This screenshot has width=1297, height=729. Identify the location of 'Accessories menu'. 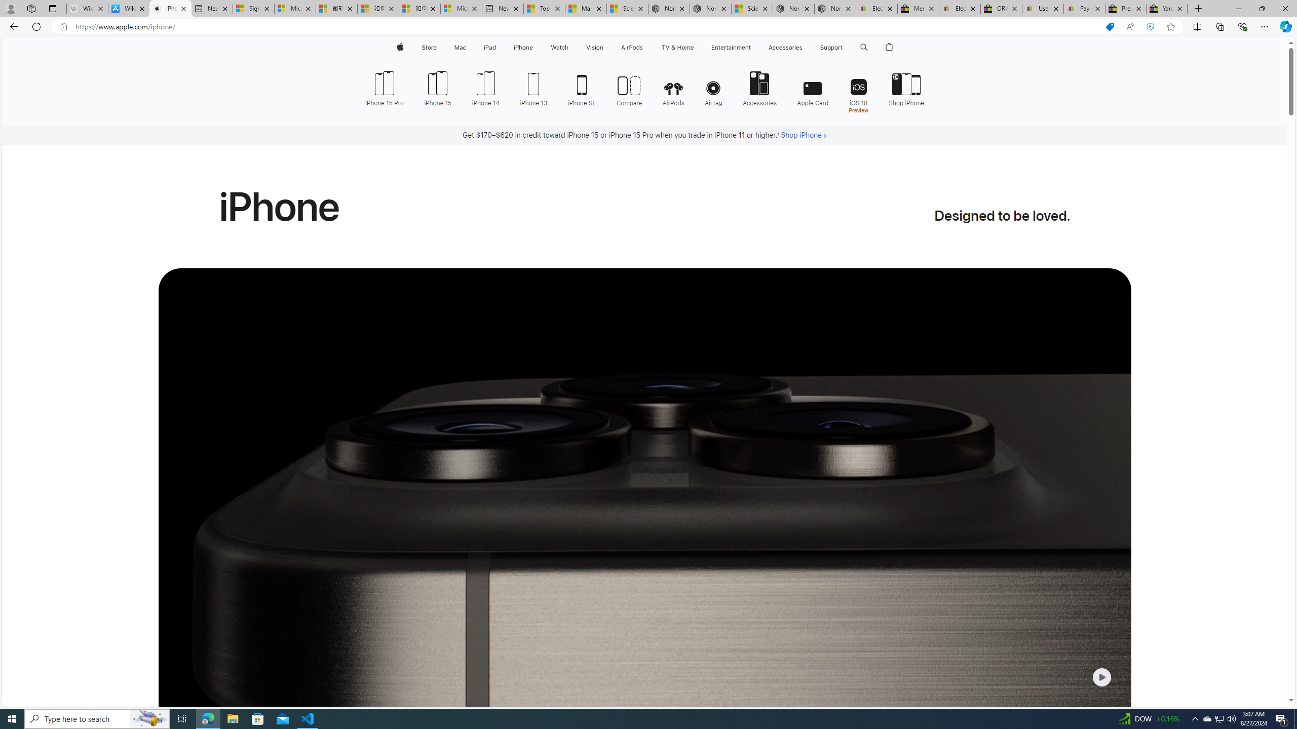
(804, 47).